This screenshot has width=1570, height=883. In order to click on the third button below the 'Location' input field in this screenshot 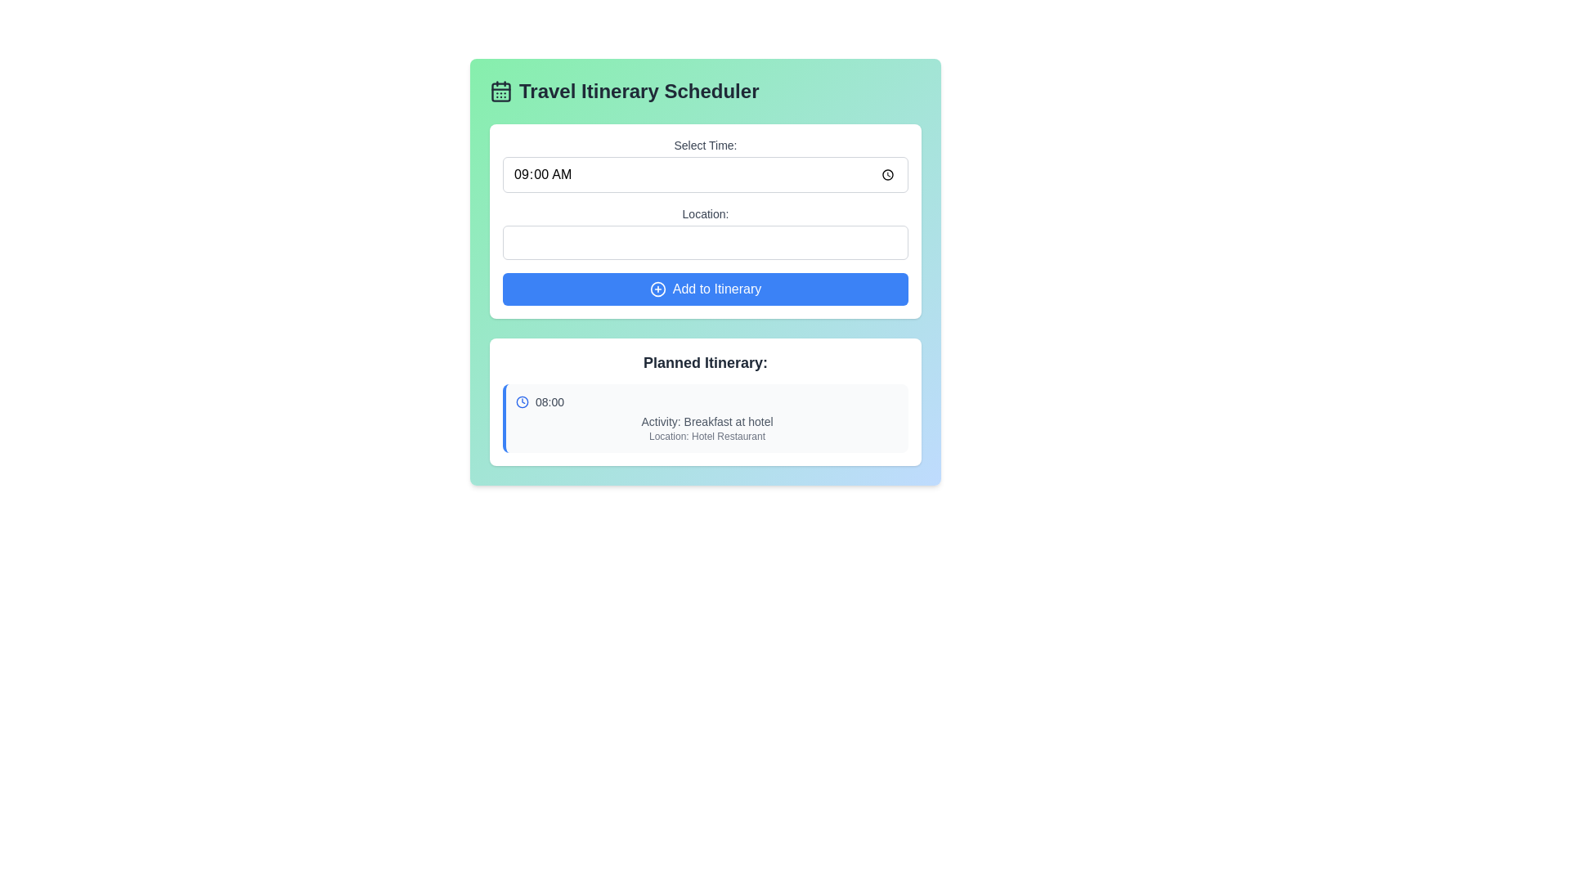, I will do `click(706, 289)`.